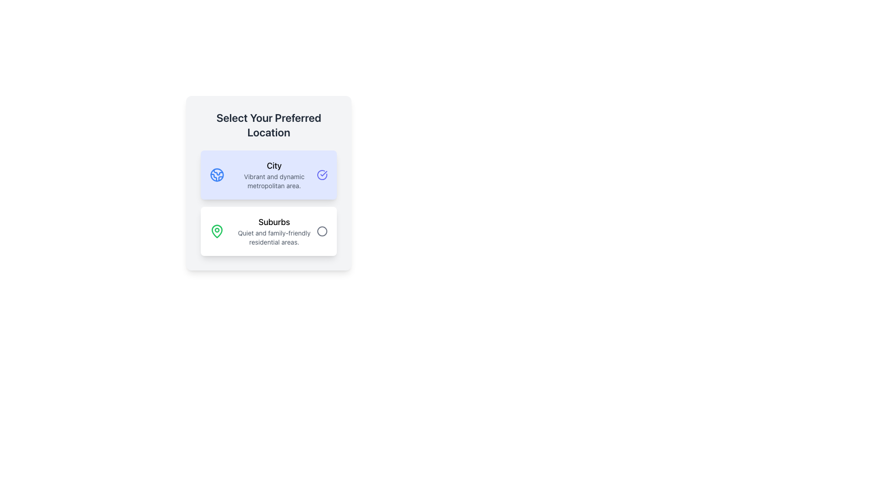 This screenshot has width=874, height=491. I want to click on the circular icon associated with the 'Suburbs' option in the two-choice selection widget, located to the right of the green location pin icon and below the 'City' option, so click(322, 231).